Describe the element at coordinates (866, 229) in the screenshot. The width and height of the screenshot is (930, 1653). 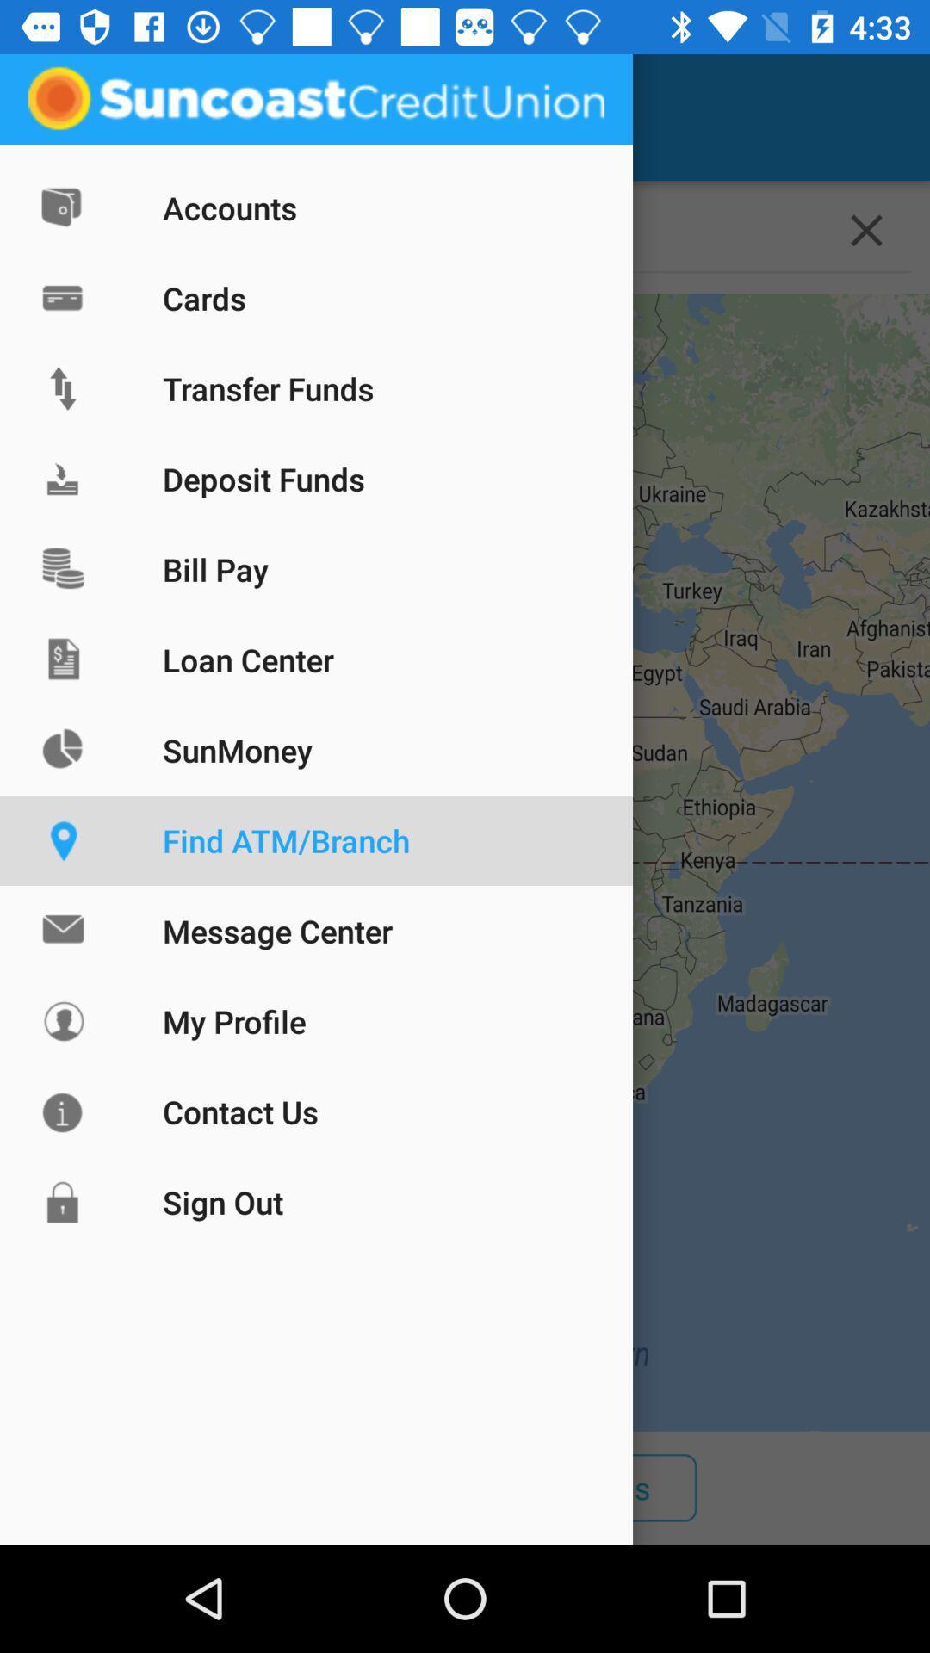
I see `the close icon` at that location.